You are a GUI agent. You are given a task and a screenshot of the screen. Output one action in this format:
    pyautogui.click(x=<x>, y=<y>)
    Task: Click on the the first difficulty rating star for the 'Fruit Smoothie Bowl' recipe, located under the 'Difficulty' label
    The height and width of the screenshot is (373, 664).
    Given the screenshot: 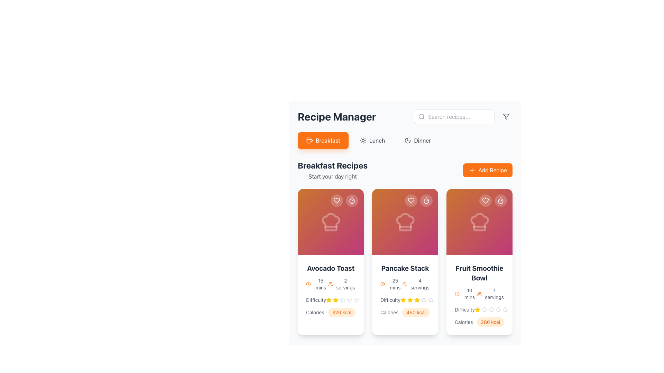 What is the action you would take?
    pyautogui.click(x=498, y=309)
    